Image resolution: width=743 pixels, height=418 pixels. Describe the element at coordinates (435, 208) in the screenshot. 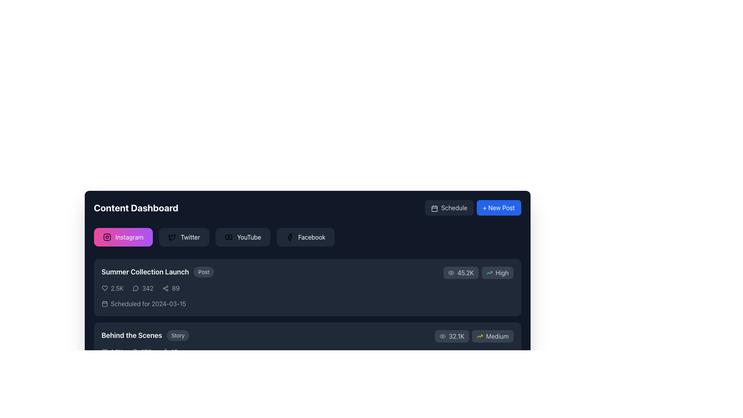

I see `the calendar icon located to the left of the 'Schedule' text within the dark, rounded rectangular button` at that location.